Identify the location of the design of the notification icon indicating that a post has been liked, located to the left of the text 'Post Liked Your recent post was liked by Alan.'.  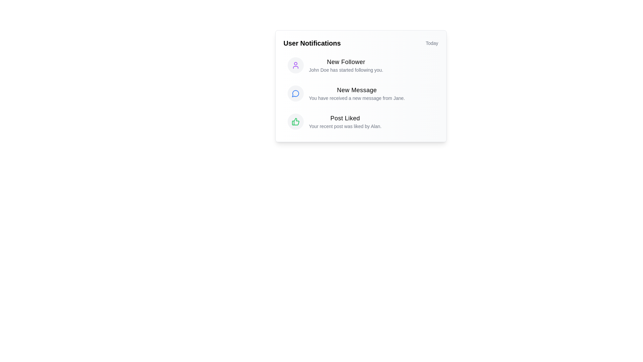
(295, 121).